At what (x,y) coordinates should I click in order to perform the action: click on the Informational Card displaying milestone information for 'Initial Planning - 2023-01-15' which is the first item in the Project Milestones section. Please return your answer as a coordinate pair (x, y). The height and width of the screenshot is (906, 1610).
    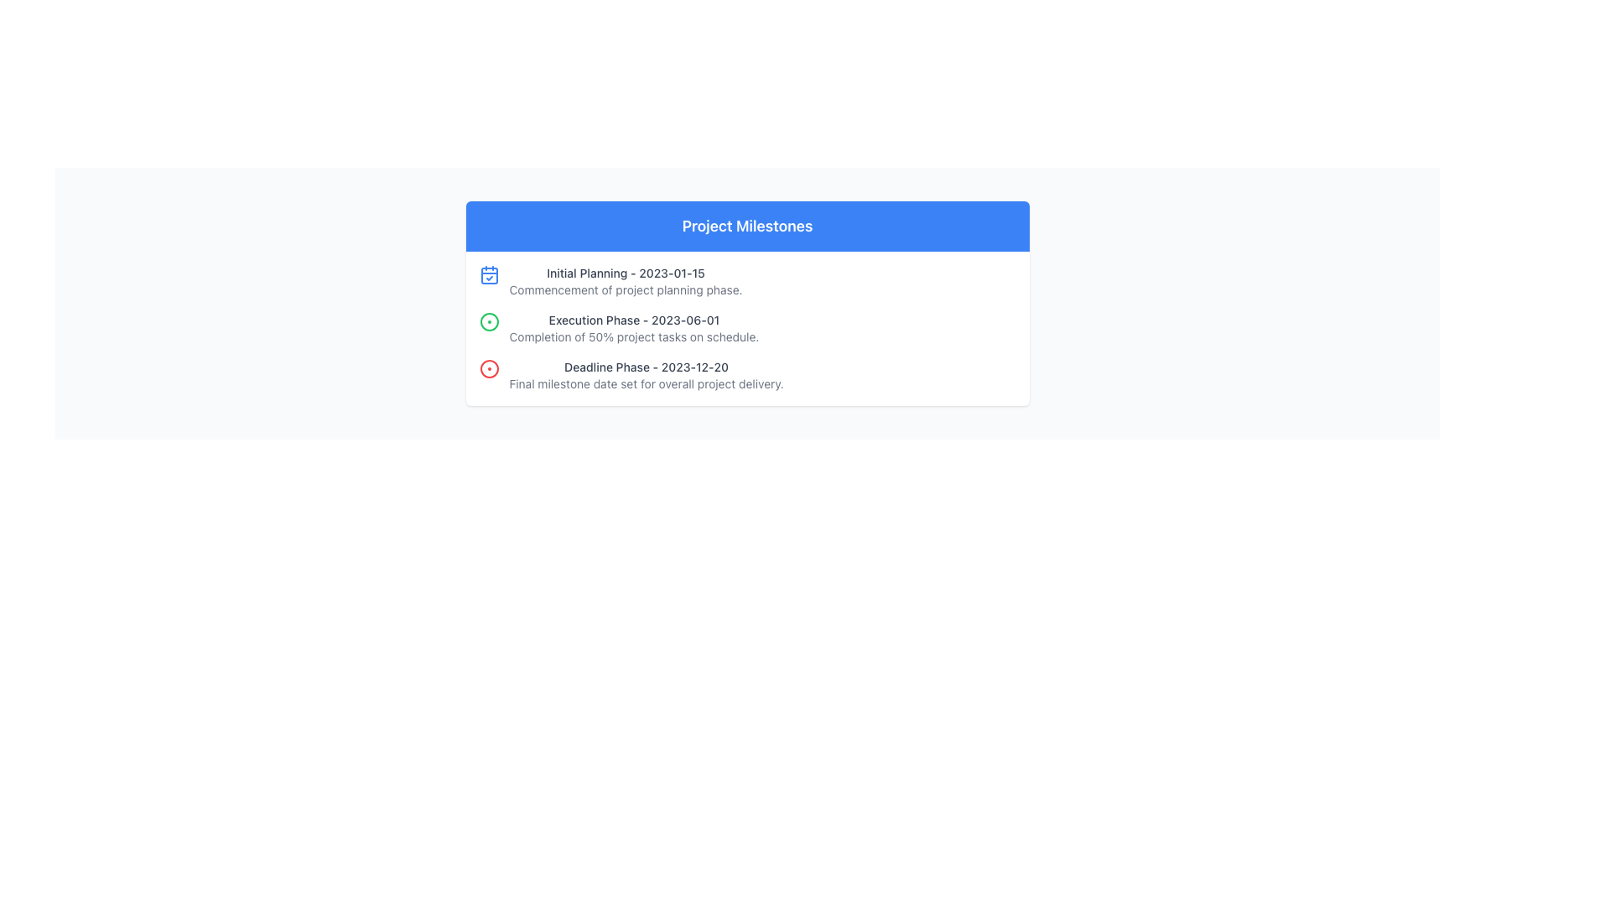
    Looking at the image, I should click on (746, 280).